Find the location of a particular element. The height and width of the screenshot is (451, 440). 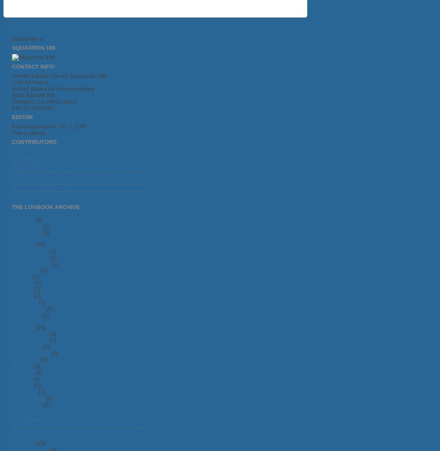

'9465 Earhart Rd' is located at coordinates (33, 95).